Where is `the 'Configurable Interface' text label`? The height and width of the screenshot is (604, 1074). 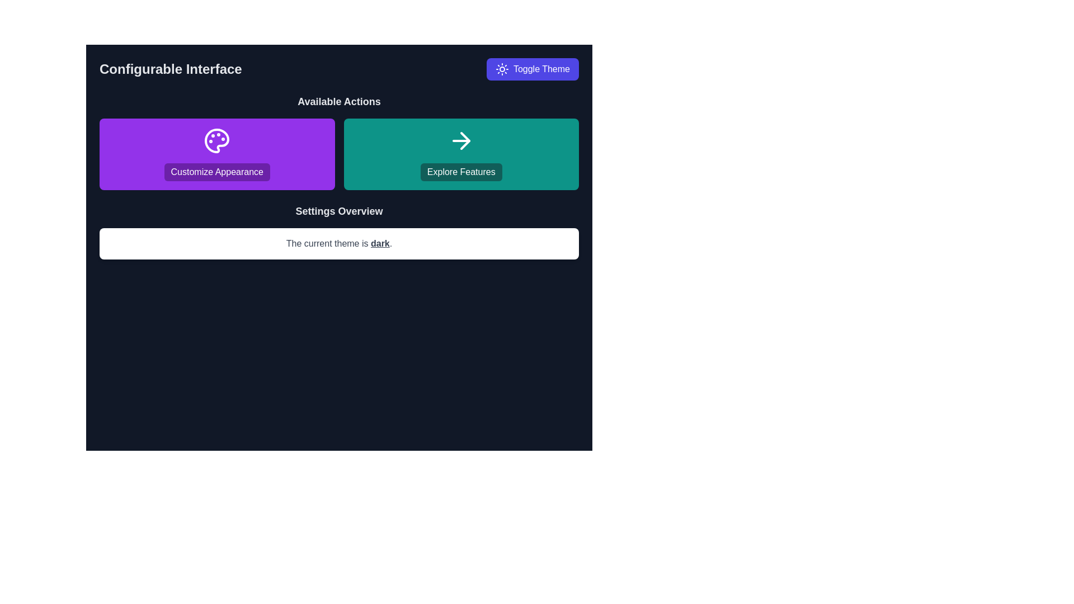
the 'Configurable Interface' text label is located at coordinates (170, 69).